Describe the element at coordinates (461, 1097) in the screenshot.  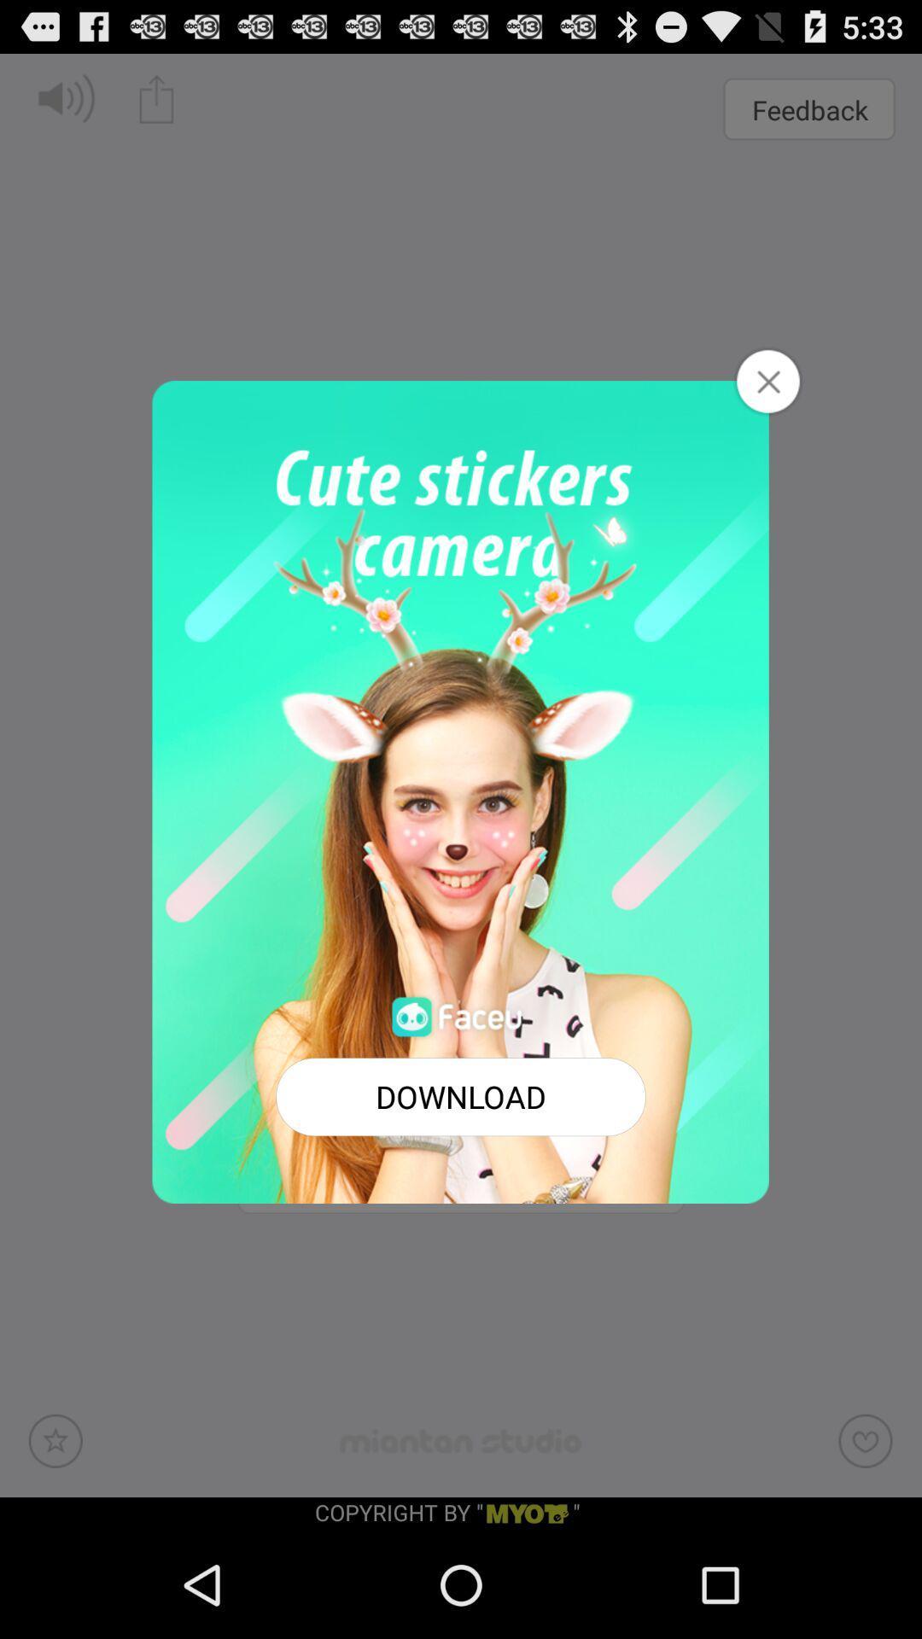
I see `download item` at that location.